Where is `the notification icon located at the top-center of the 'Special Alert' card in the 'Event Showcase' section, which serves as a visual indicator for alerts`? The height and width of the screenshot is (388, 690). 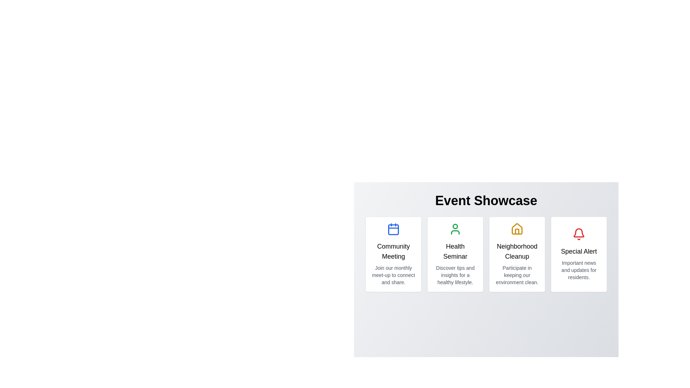 the notification icon located at the top-center of the 'Special Alert' card in the 'Event Showcase' section, which serves as a visual indicator for alerts is located at coordinates (579, 233).